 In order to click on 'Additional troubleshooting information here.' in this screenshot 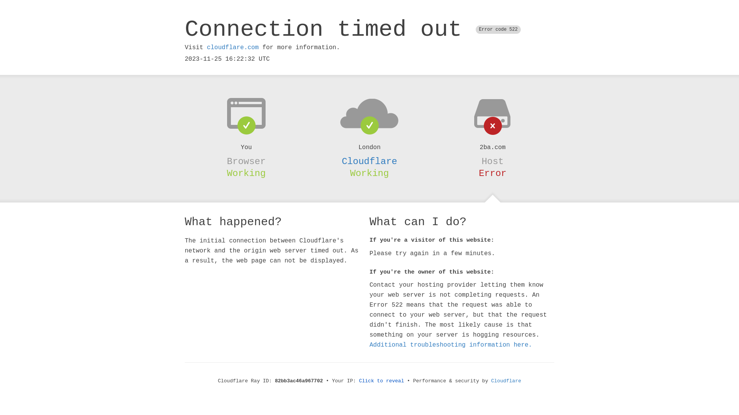, I will do `click(451, 345)`.